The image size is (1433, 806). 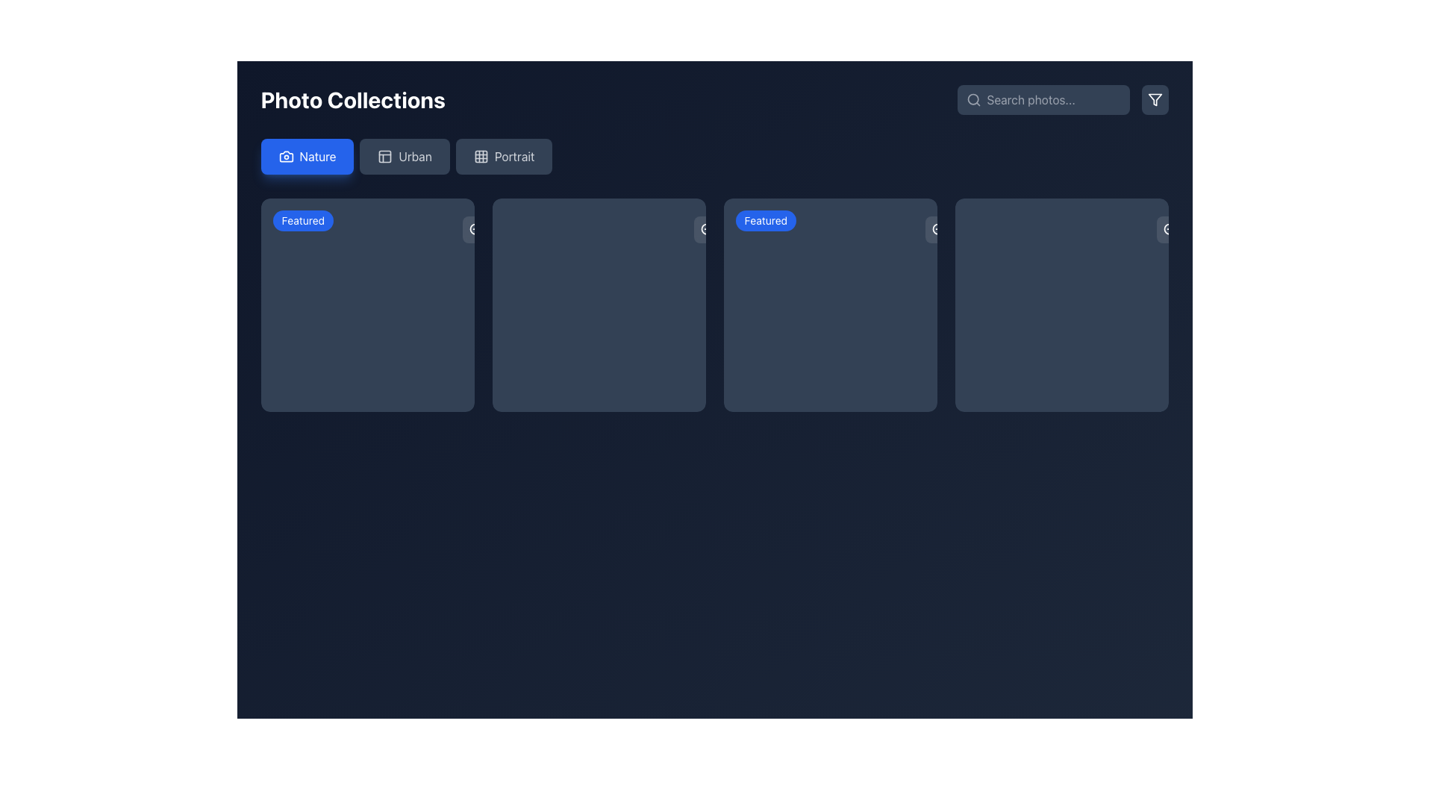 What do you see at coordinates (1154, 100) in the screenshot?
I see `the filter button located in the top-right corner of the interface` at bounding box center [1154, 100].